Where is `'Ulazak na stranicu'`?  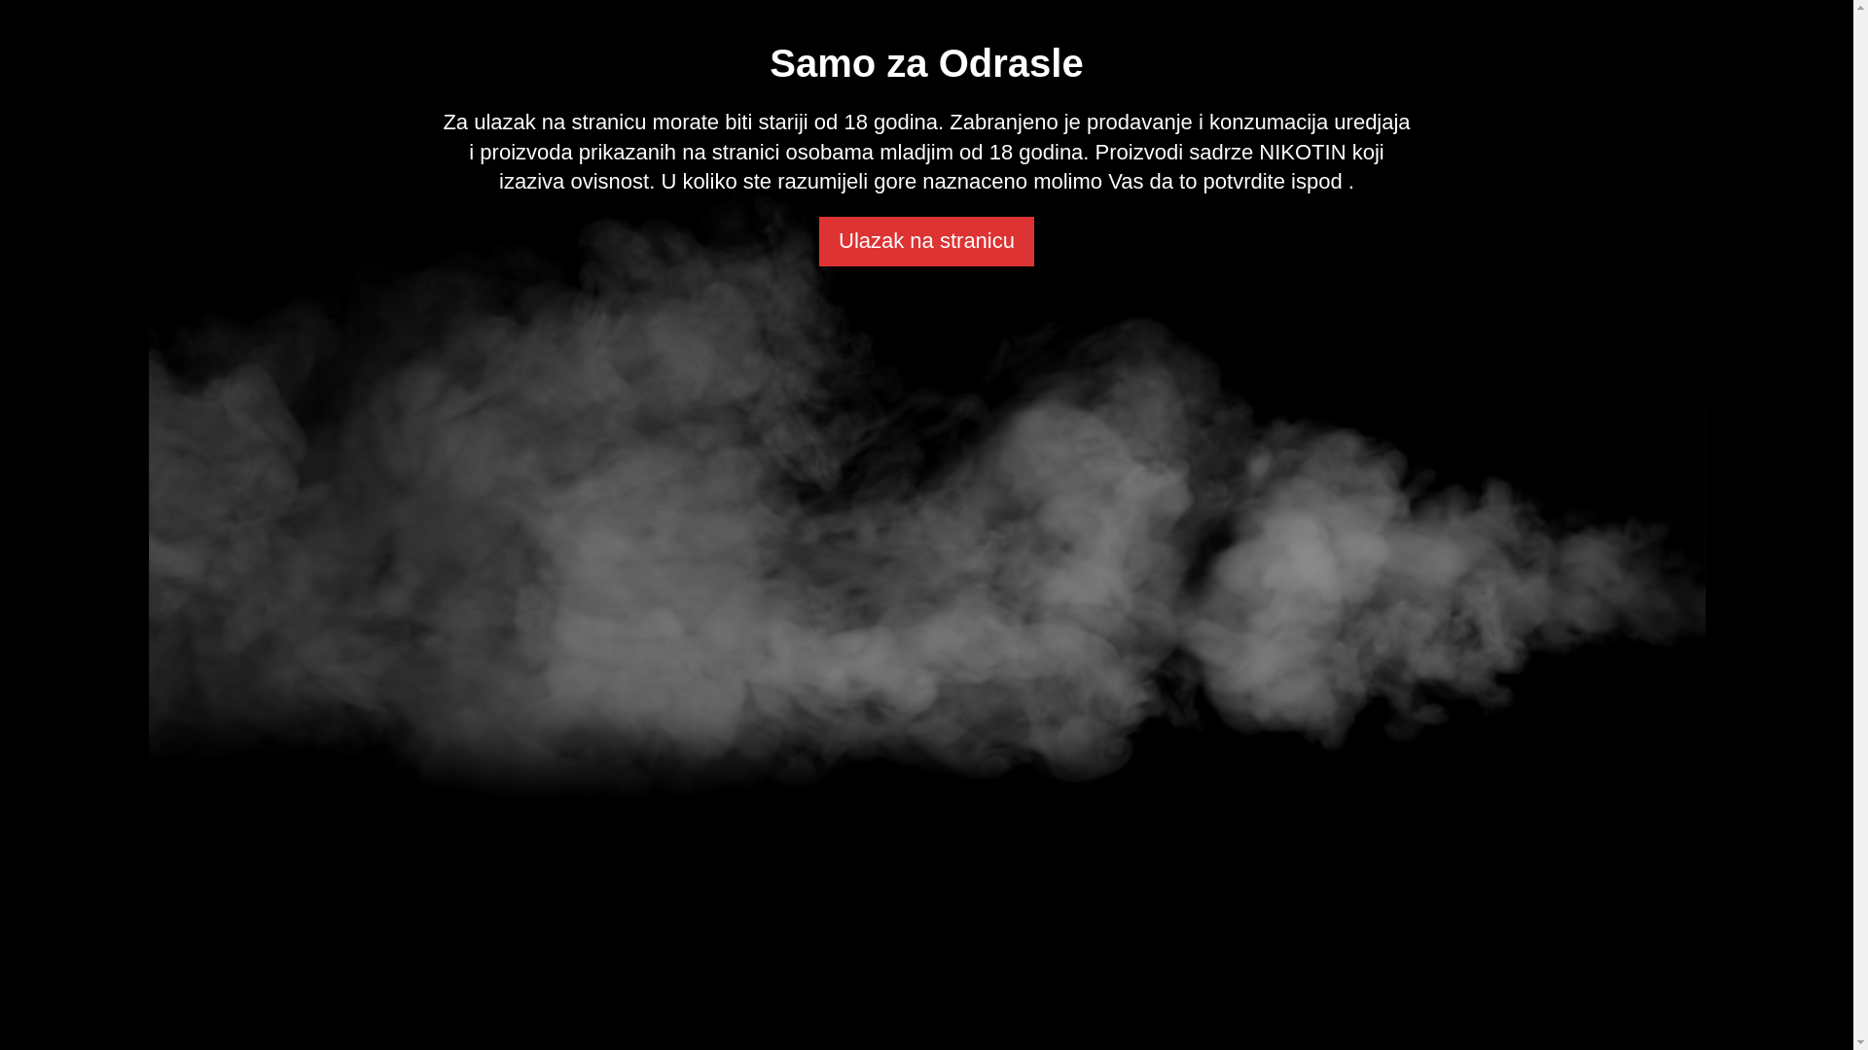 'Ulazak na stranicu' is located at coordinates (925, 240).